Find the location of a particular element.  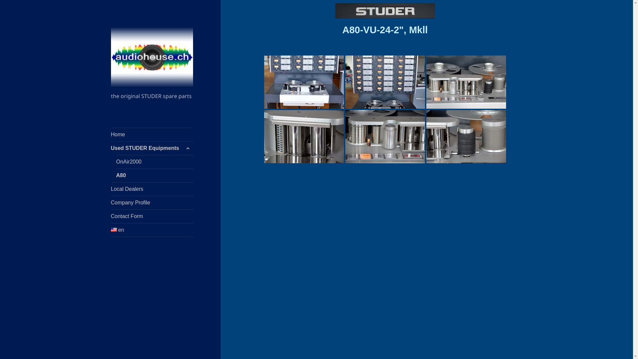

'Used STUDER Equipments' is located at coordinates (111, 148).